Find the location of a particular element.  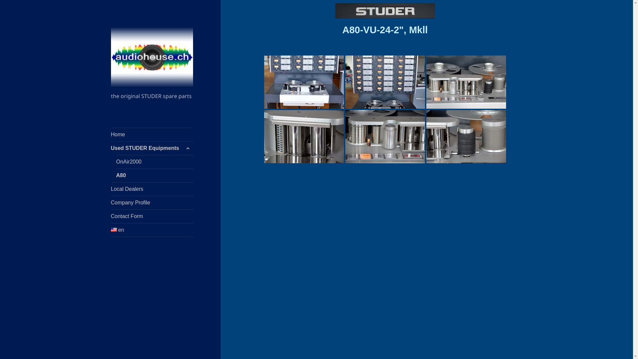

'Used STUDER Equipments' is located at coordinates (111, 148).